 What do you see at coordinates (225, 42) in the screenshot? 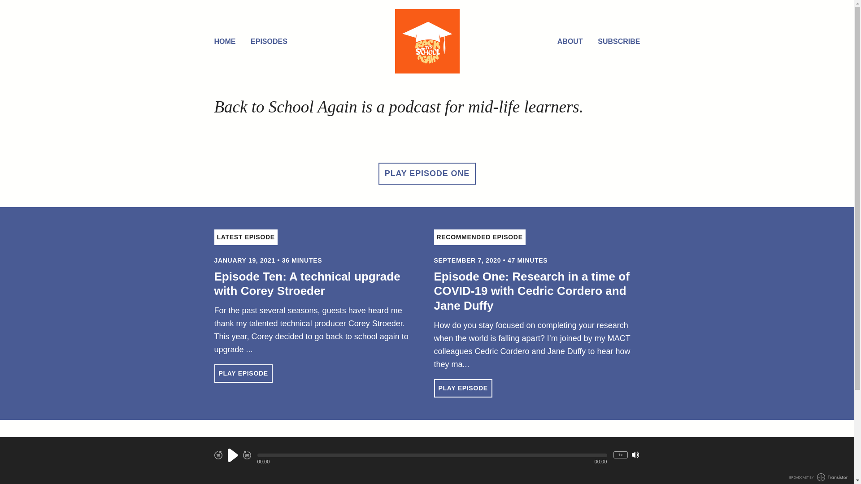
I see `'HOME'` at bounding box center [225, 42].